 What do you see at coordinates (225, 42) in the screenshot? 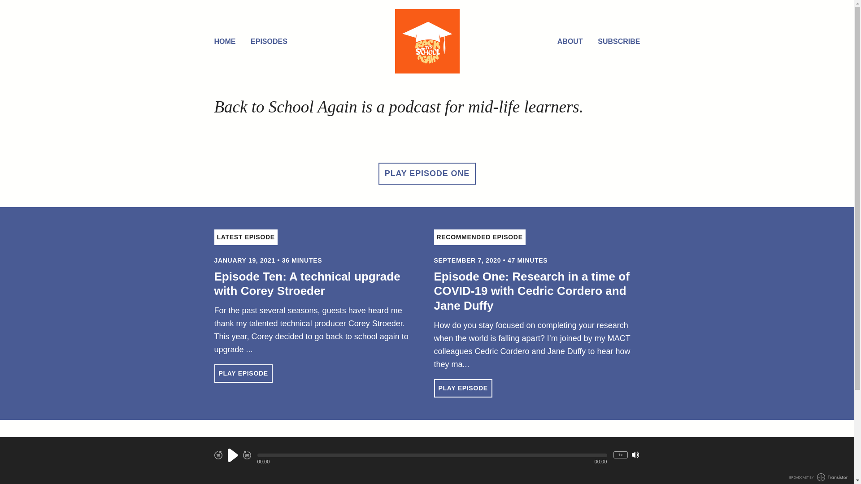
I see `'HOME'` at bounding box center [225, 42].